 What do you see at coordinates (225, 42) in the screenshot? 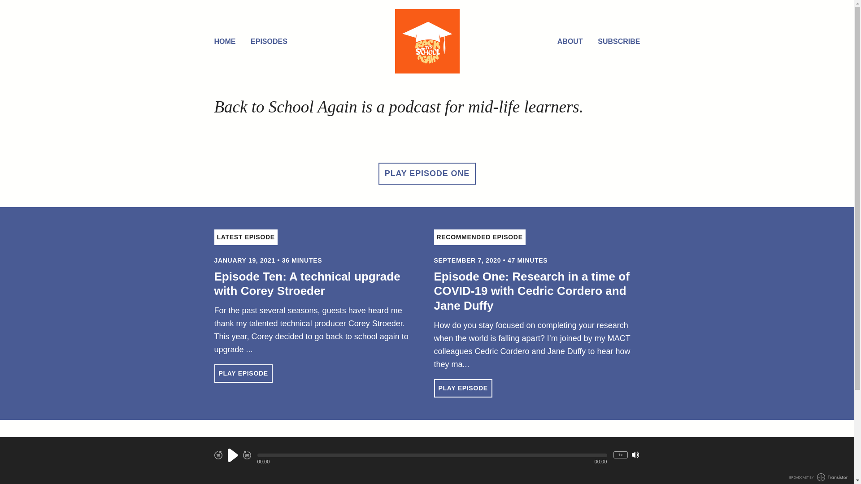
I see `'HOME'` at bounding box center [225, 42].